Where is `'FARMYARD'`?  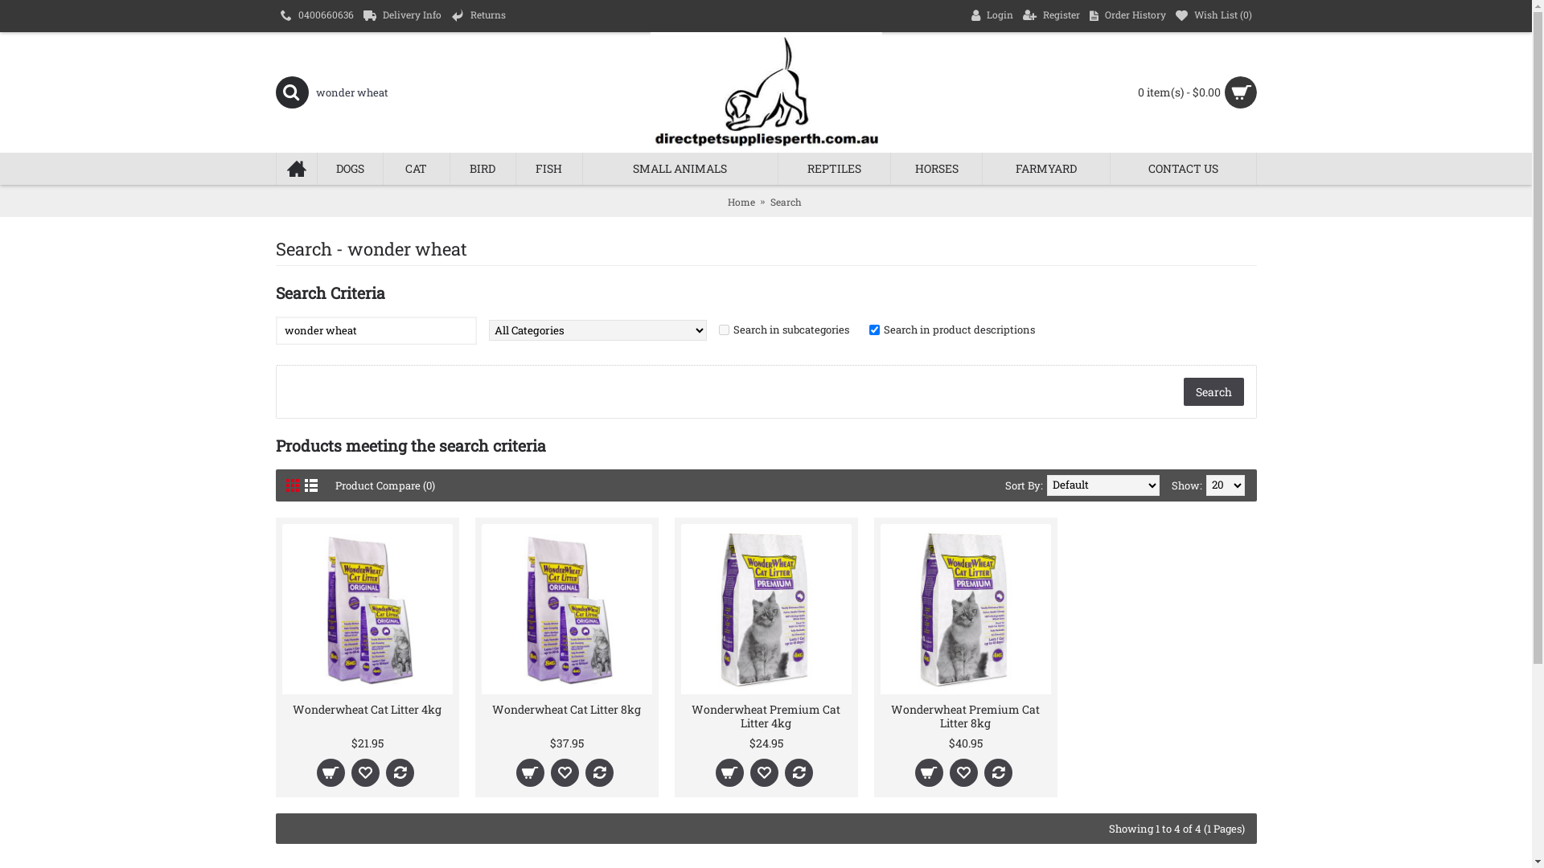 'FARMYARD' is located at coordinates (1045, 168).